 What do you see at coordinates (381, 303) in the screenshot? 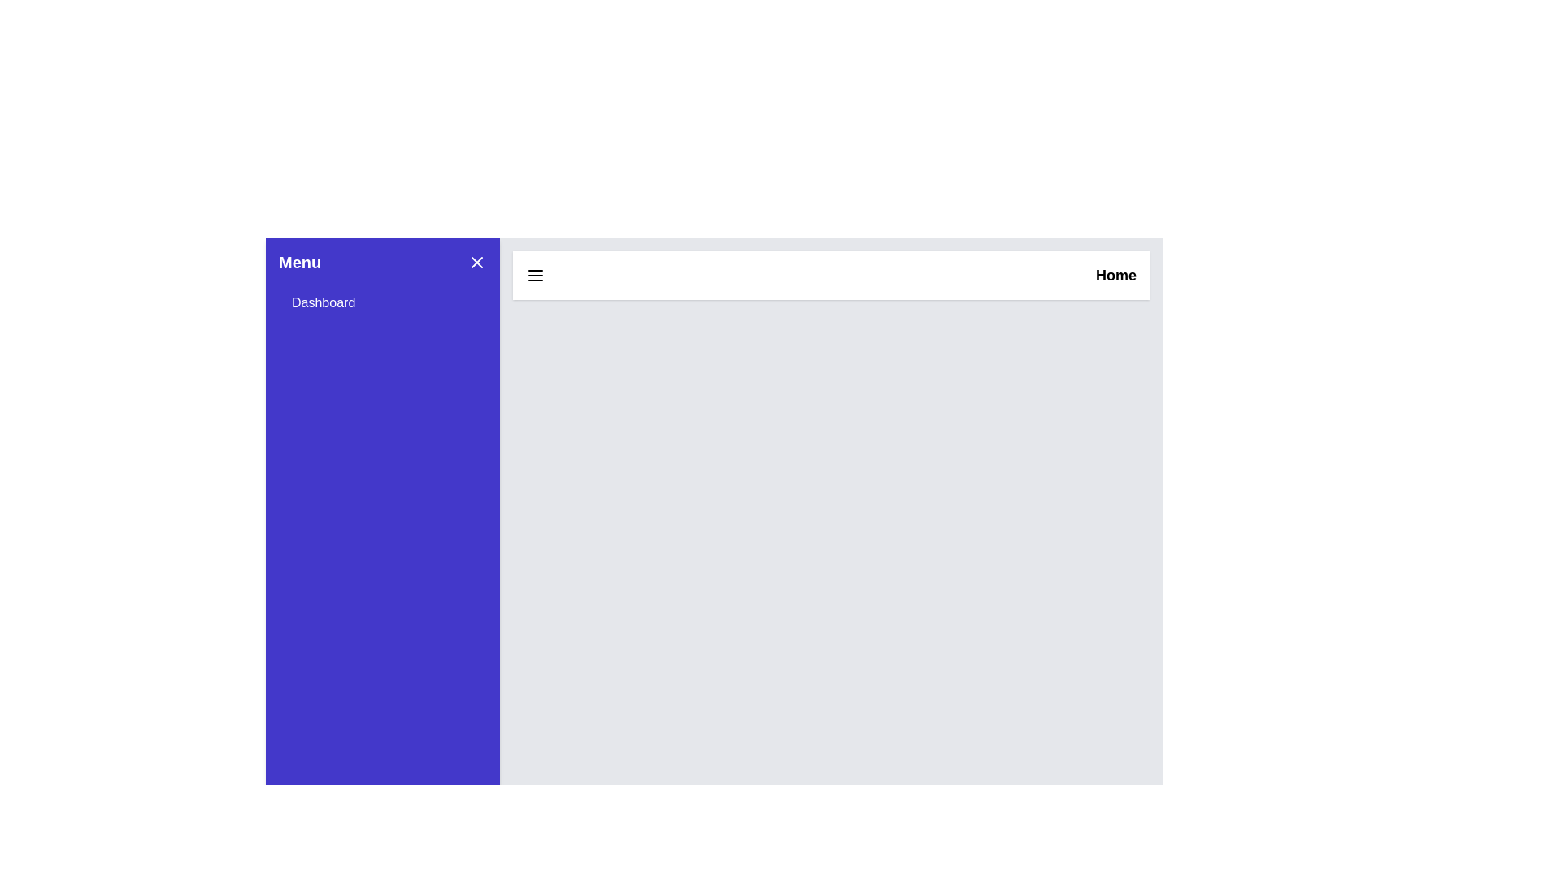
I see `the 'Dashboard' button in the drawer` at bounding box center [381, 303].